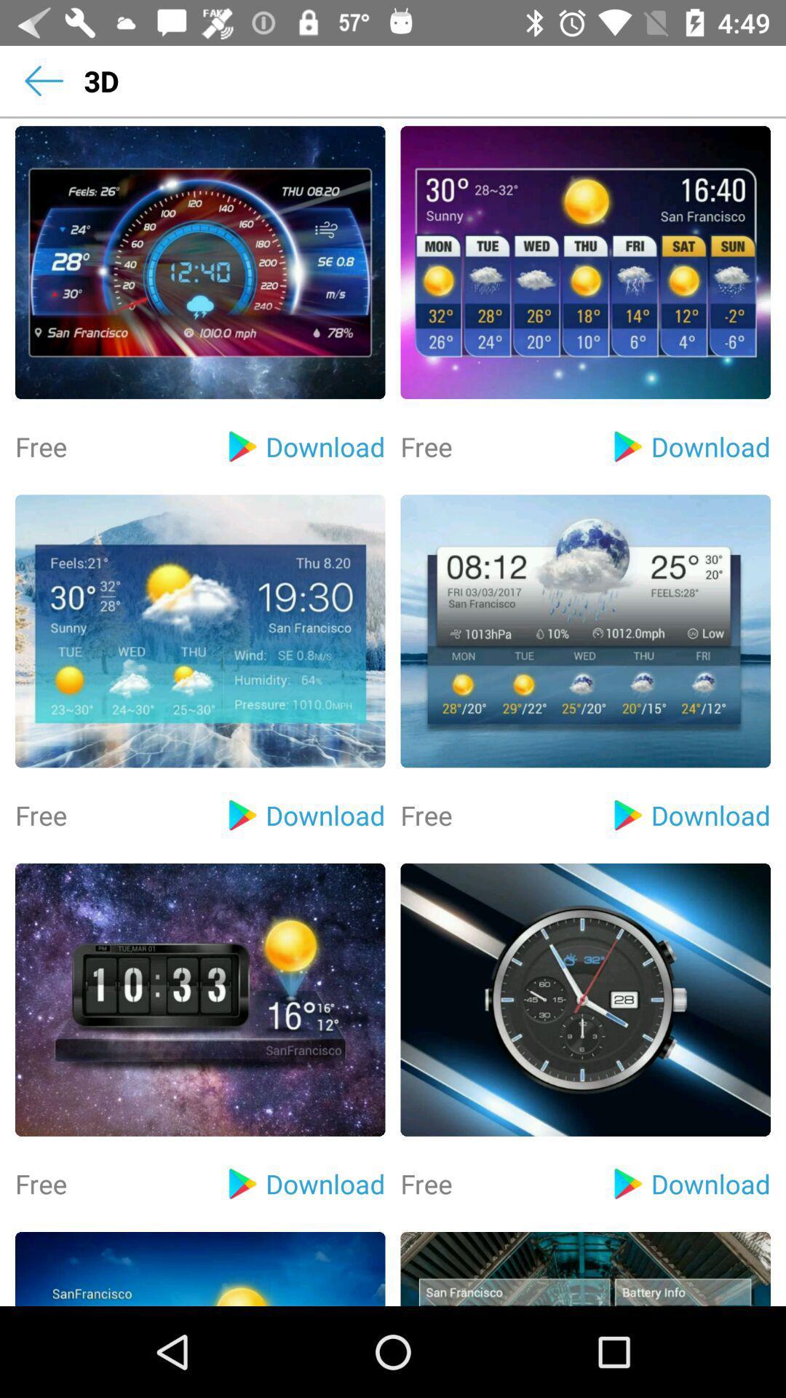 The height and width of the screenshot is (1398, 786). What do you see at coordinates (43, 80) in the screenshot?
I see `item to the left of the 3d item` at bounding box center [43, 80].